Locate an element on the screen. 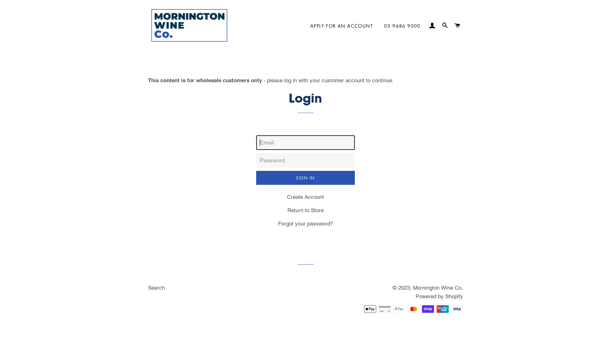 This screenshot has height=343, width=611. 'Create Account' is located at coordinates (305, 197).